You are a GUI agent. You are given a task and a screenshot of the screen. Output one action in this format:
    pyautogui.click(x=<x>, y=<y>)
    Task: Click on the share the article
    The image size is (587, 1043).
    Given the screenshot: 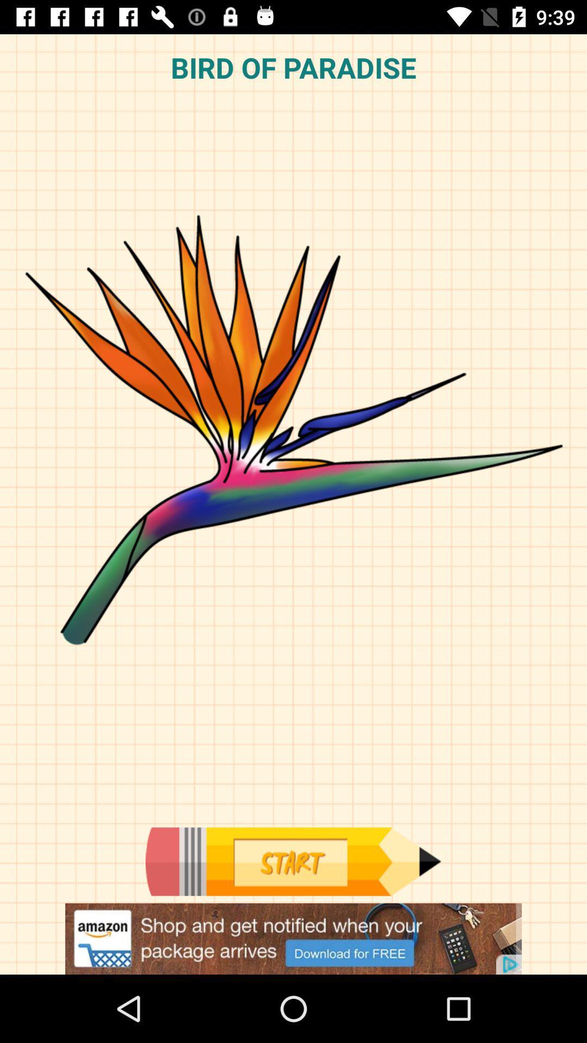 What is the action you would take?
    pyautogui.click(x=293, y=938)
    